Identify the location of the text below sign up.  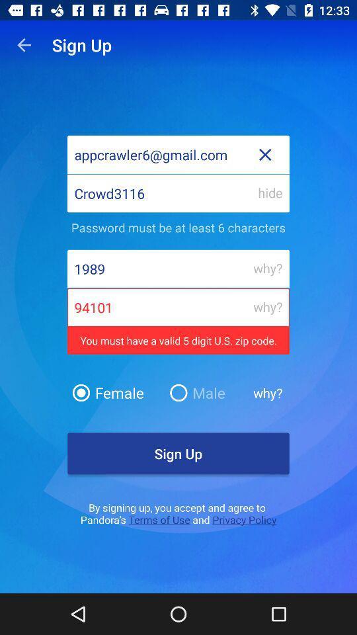
(178, 513).